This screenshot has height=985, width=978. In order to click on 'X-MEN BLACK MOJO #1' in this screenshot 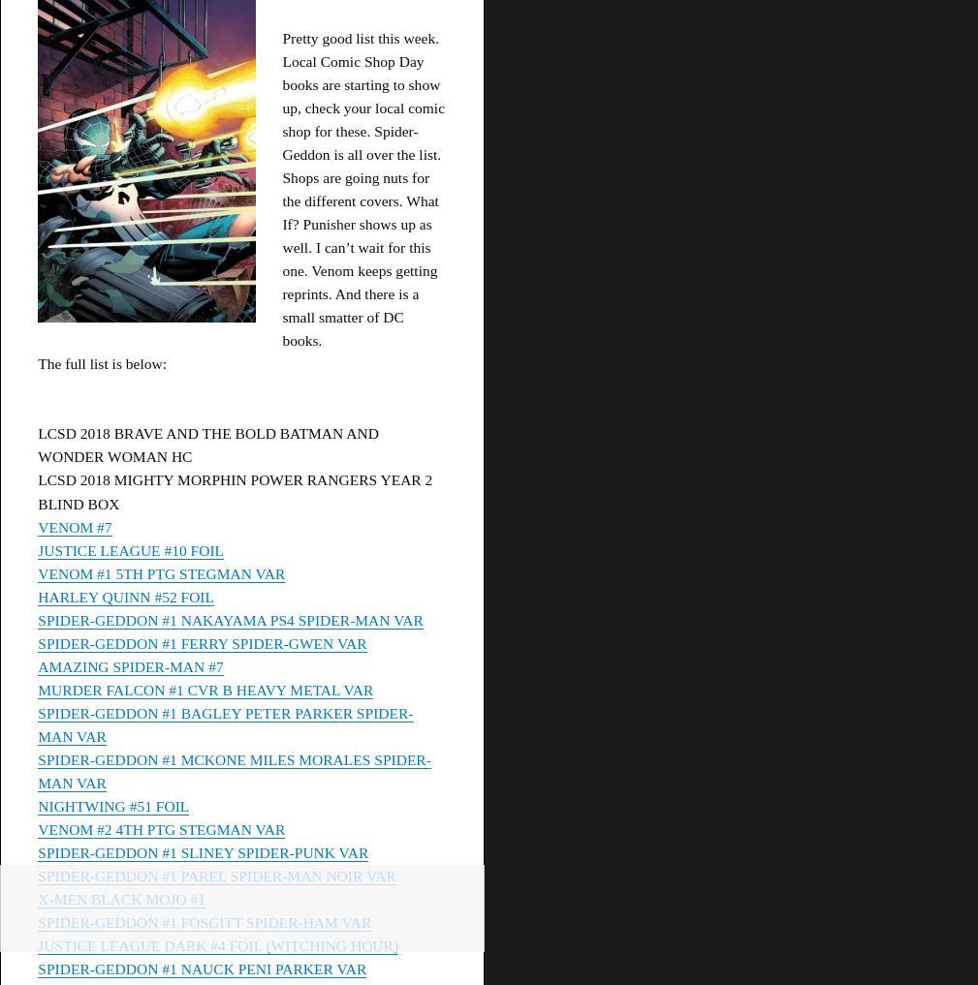, I will do `click(37, 898)`.